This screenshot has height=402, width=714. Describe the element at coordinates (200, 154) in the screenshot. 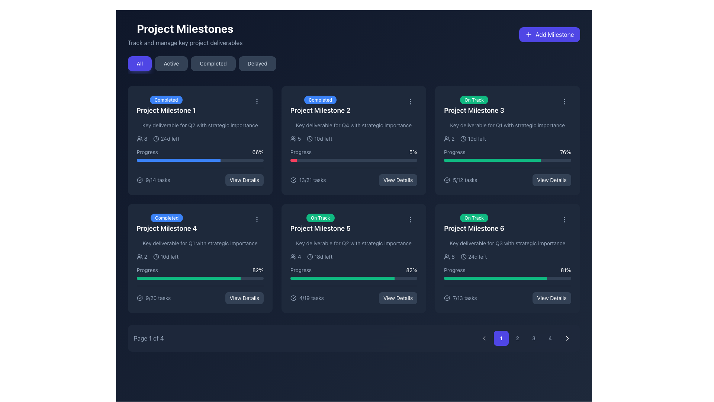

I see `the progress bar displaying 'Progress' on the left and '66%' on the right, located within the 'Project Milestone 1' card` at that location.